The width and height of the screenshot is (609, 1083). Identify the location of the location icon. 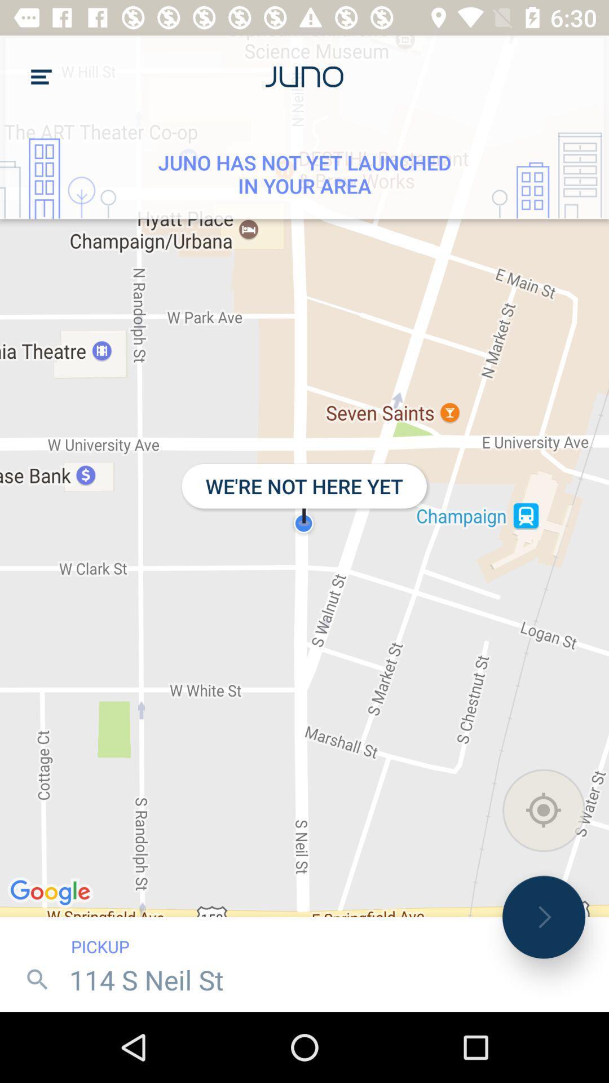
(543, 810).